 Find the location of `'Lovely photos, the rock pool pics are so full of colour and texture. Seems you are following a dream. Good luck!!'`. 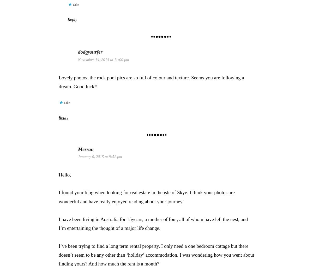

'Lovely photos, the rock pool pics are so full of colour and texture. Seems you are following a dream. Good luck!!' is located at coordinates (151, 81).